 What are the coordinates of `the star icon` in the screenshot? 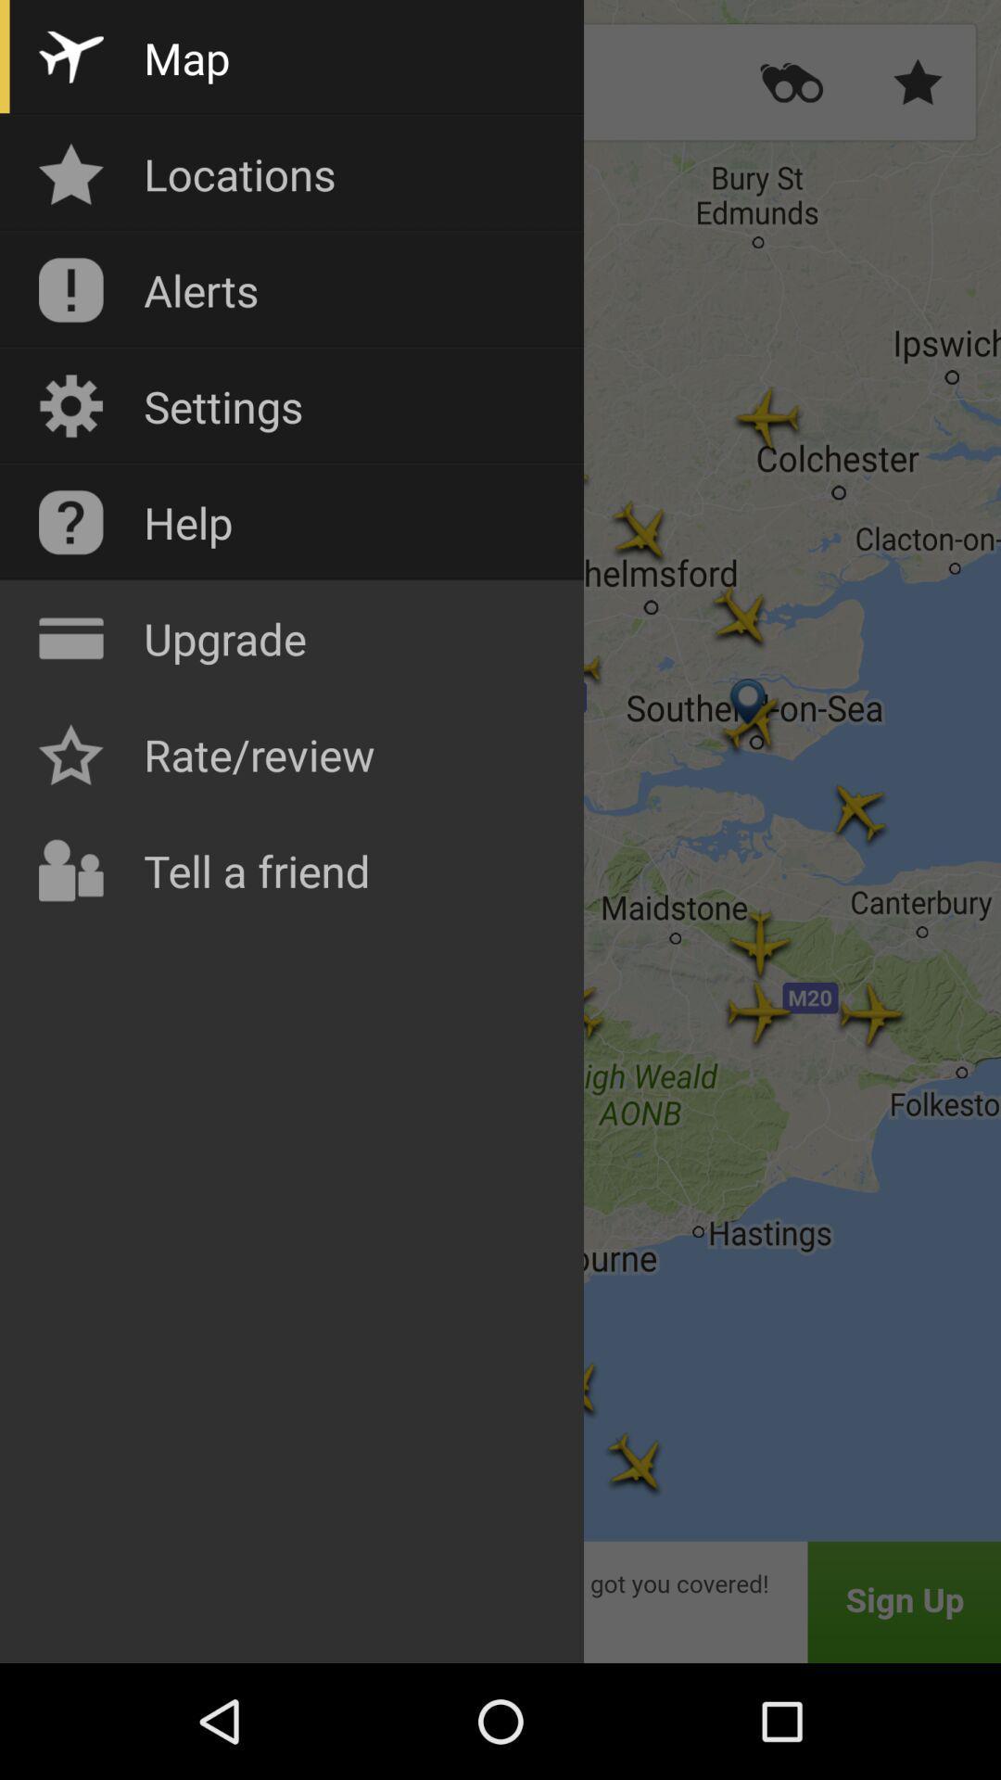 It's located at (918, 82).